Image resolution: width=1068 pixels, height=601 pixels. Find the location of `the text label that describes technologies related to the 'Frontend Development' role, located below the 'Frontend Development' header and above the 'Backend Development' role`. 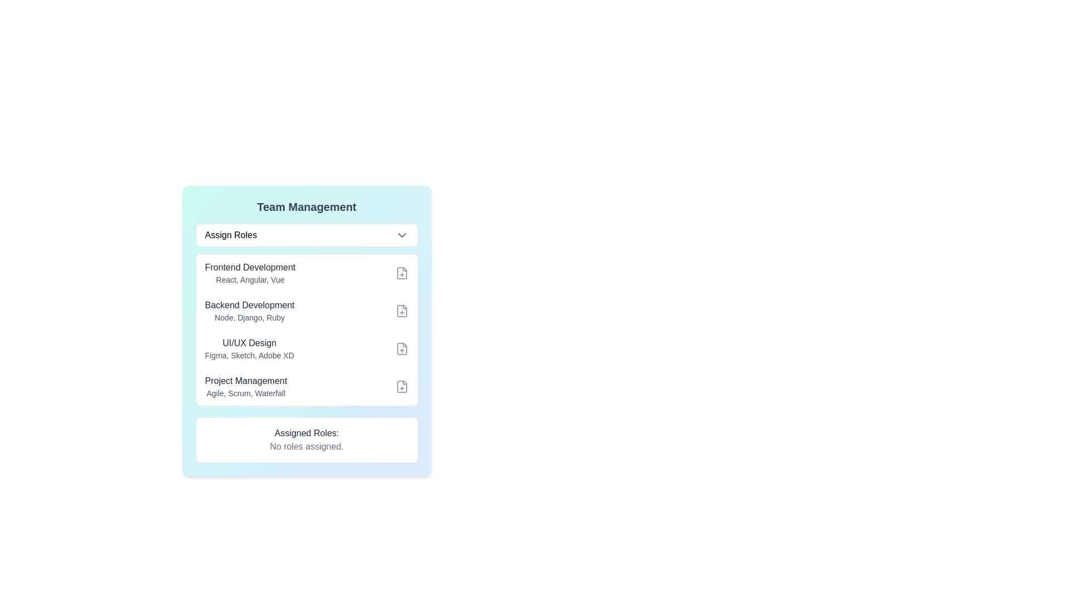

the text label that describes technologies related to the 'Frontend Development' role, located below the 'Frontend Development' header and above the 'Backend Development' role is located at coordinates (249, 279).